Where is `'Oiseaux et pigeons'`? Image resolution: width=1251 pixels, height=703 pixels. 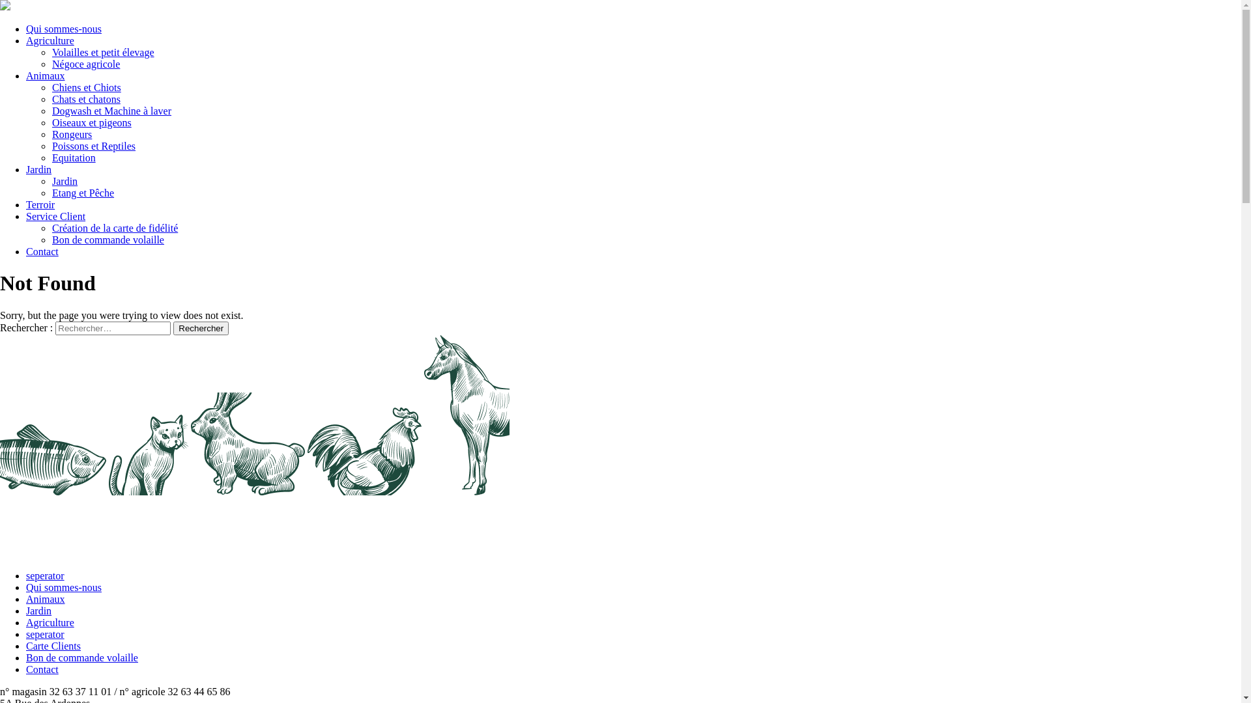 'Oiseaux et pigeons' is located at coordinates (91, 122).